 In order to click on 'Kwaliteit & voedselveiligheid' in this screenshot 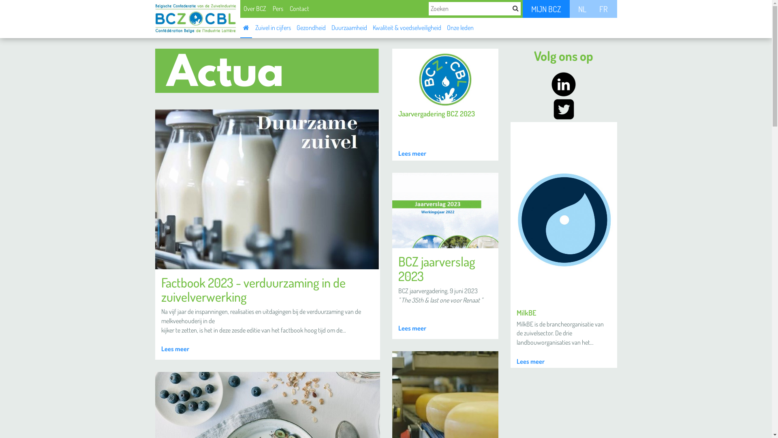, I will do `click(406, 26)`.